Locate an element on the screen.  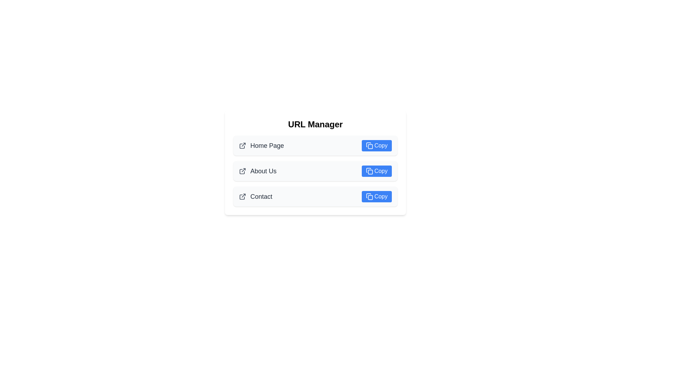
the 'Home Page' label with an external link icon is located at coordinates (261, 145).